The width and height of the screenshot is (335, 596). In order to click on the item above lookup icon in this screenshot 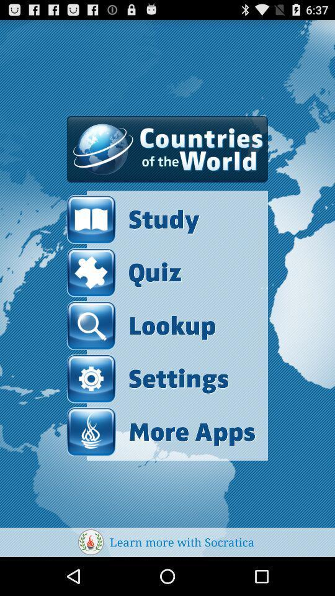, I will do `click(124, 273)`.